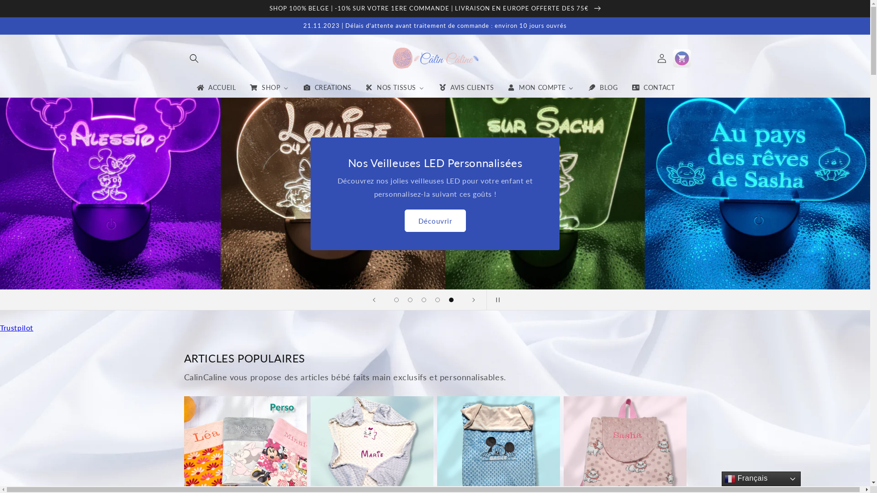  What do you see at coordinates (327, 88) in the screenshot?
I see `'CREATIONS'` at bounding box center [327, 88].